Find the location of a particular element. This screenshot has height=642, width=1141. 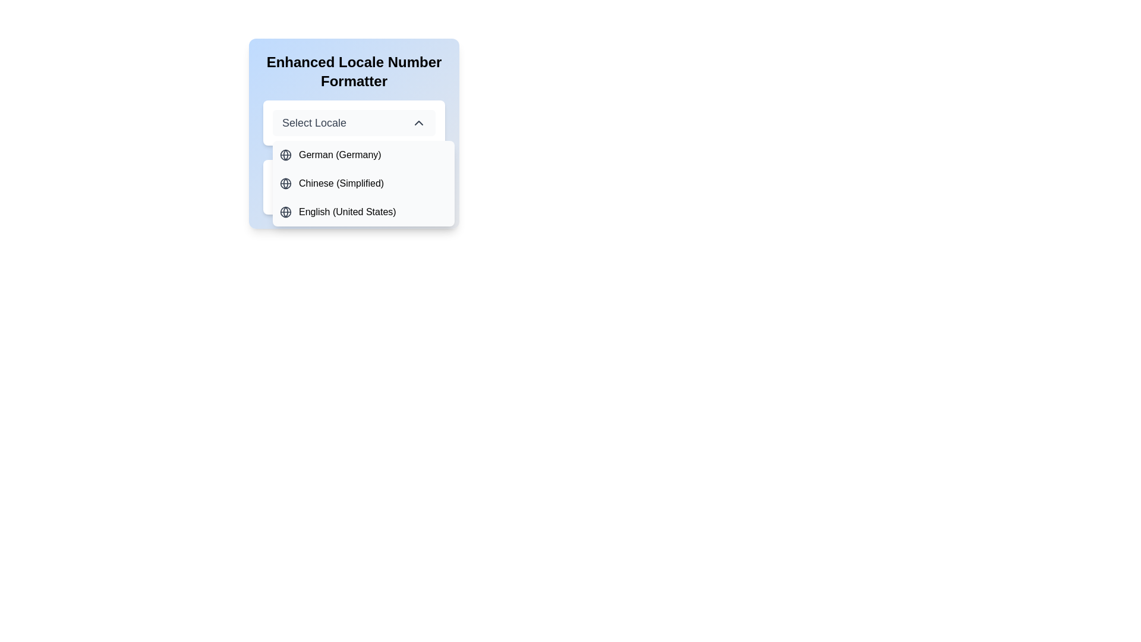

the globe icon with a circular outline and latitude/longitude lines, located in the 'English (United States)' dropdown menu option is located at coordinates (285, 212).